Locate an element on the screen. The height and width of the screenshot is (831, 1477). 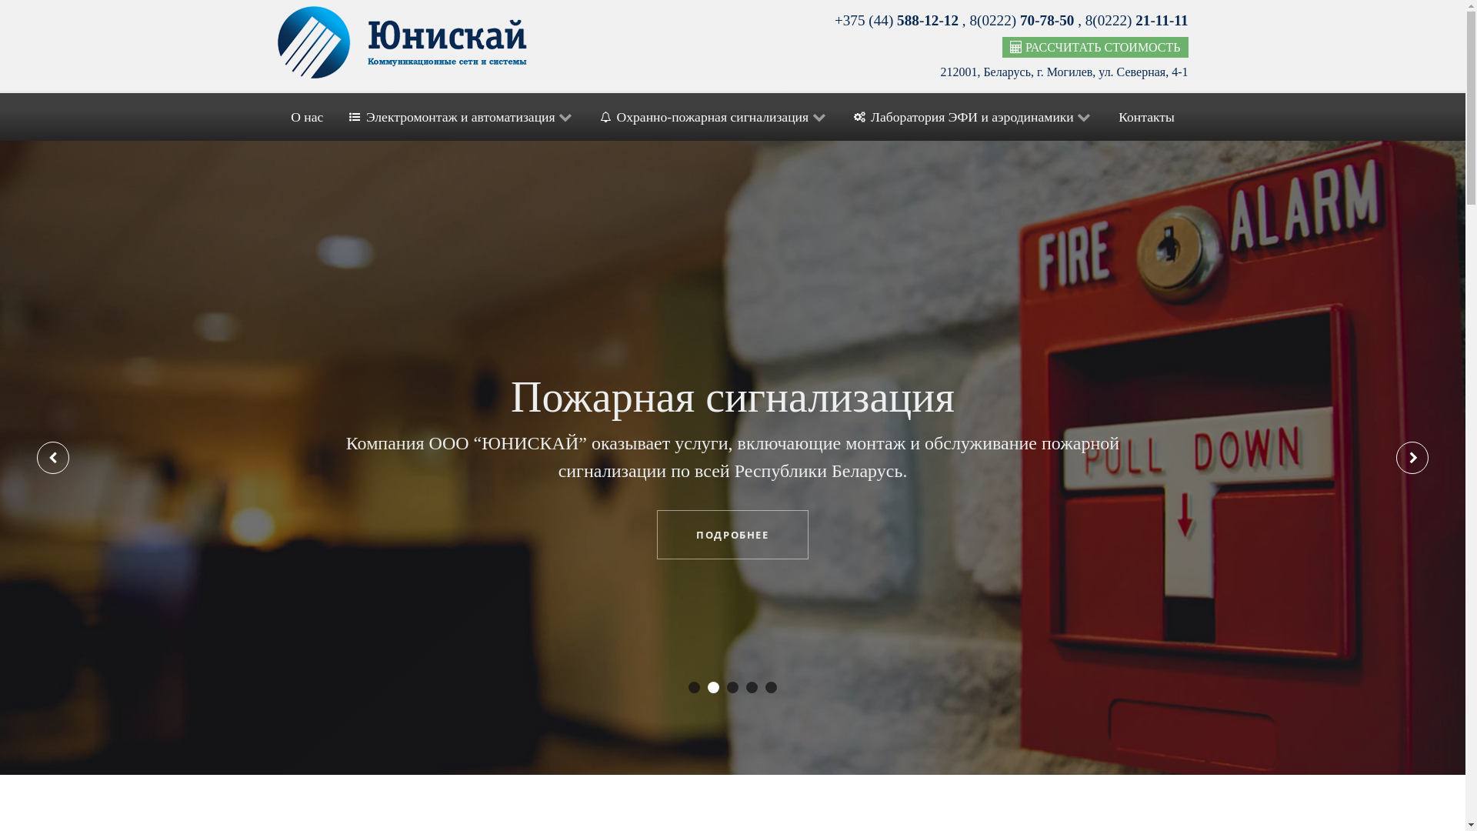
'8(0222) 70-78-50 , 8(0222) 21-11-11' is located at coordinates (968, 20).